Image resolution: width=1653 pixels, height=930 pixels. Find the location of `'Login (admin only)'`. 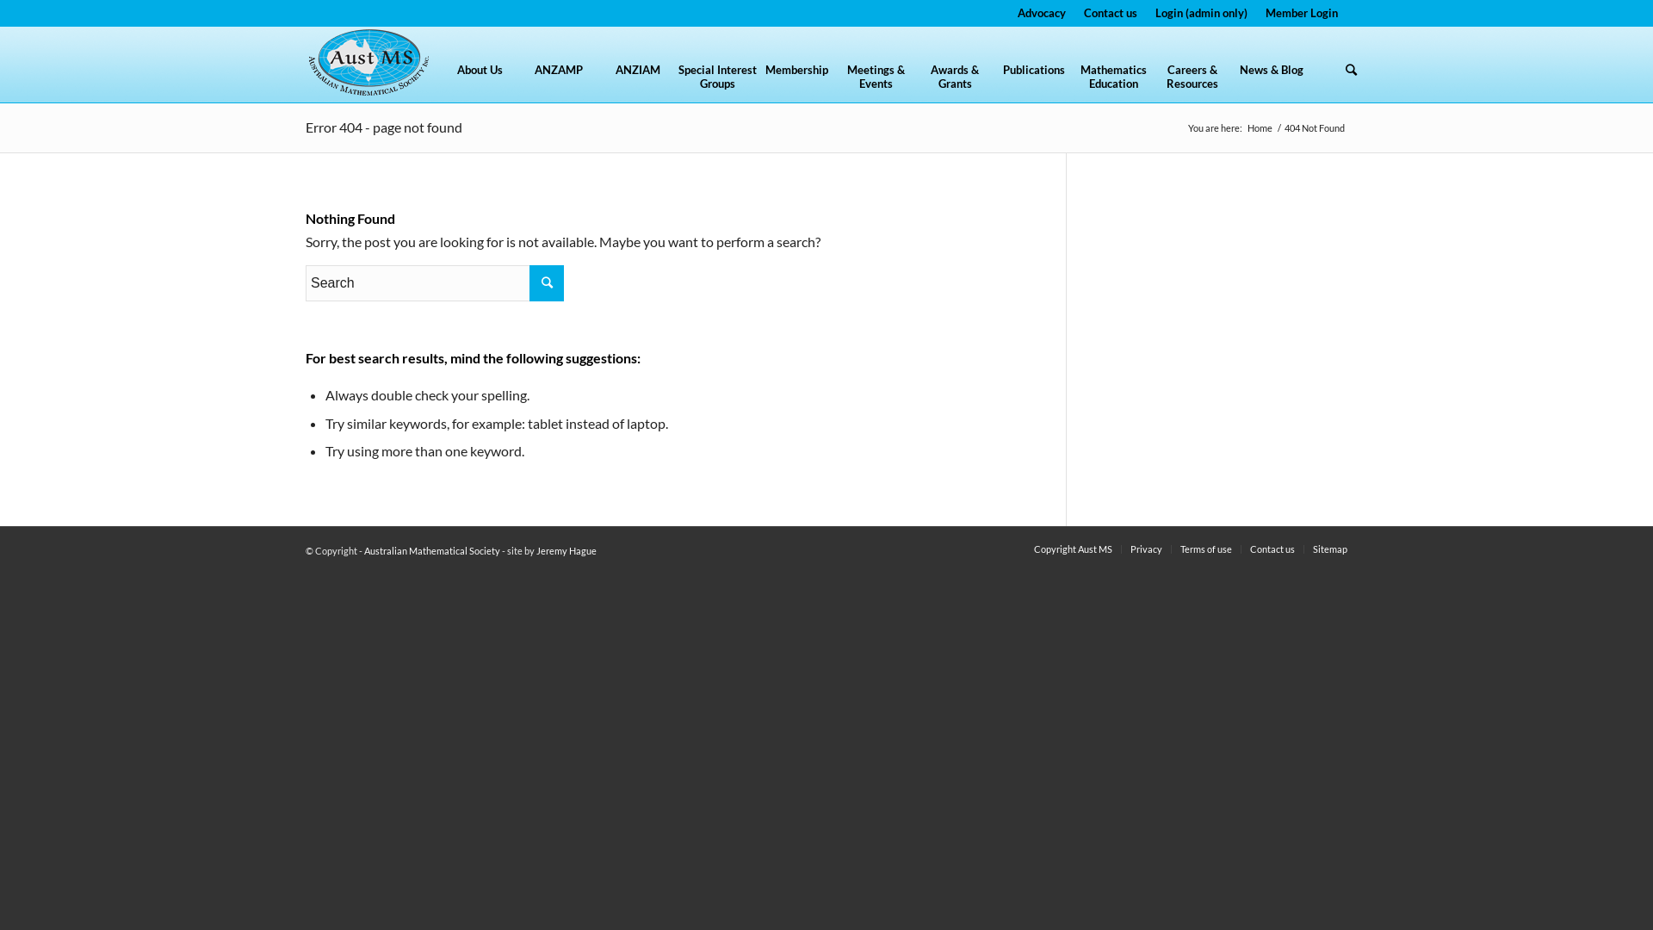

'Login (admin only)' is located at coordinates (1200, 13).